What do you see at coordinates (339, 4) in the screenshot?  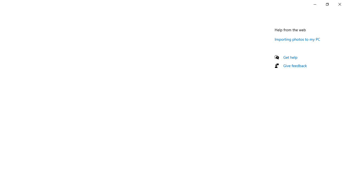 I see `'Close Settings'` at bounding box center [339, 4].